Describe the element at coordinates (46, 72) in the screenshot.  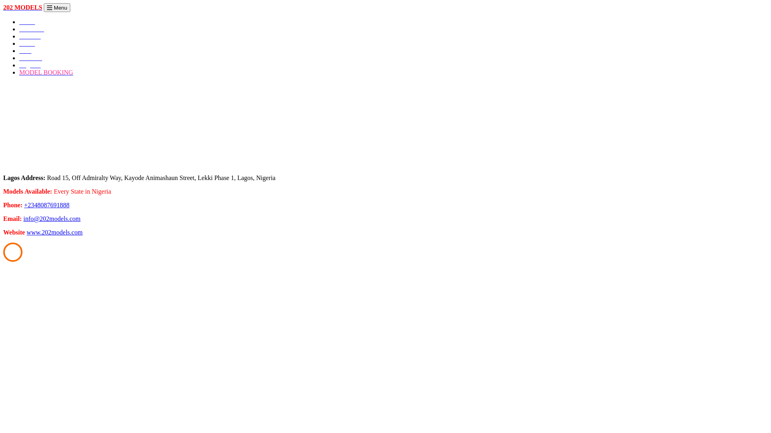
I see `'MODEL BOOKING'` at that location.